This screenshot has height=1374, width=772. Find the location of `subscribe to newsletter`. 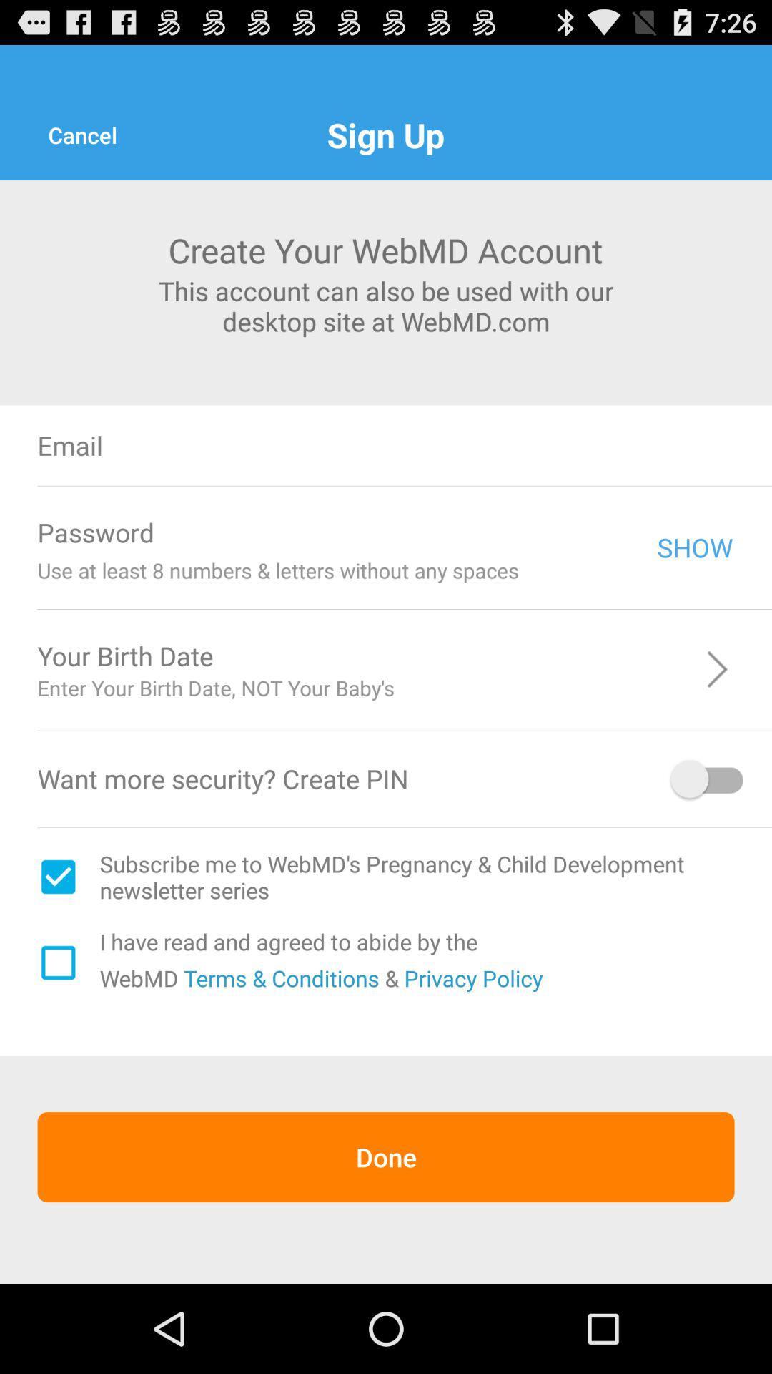

subscribe to newsletter is located at coordinates (57, 876).